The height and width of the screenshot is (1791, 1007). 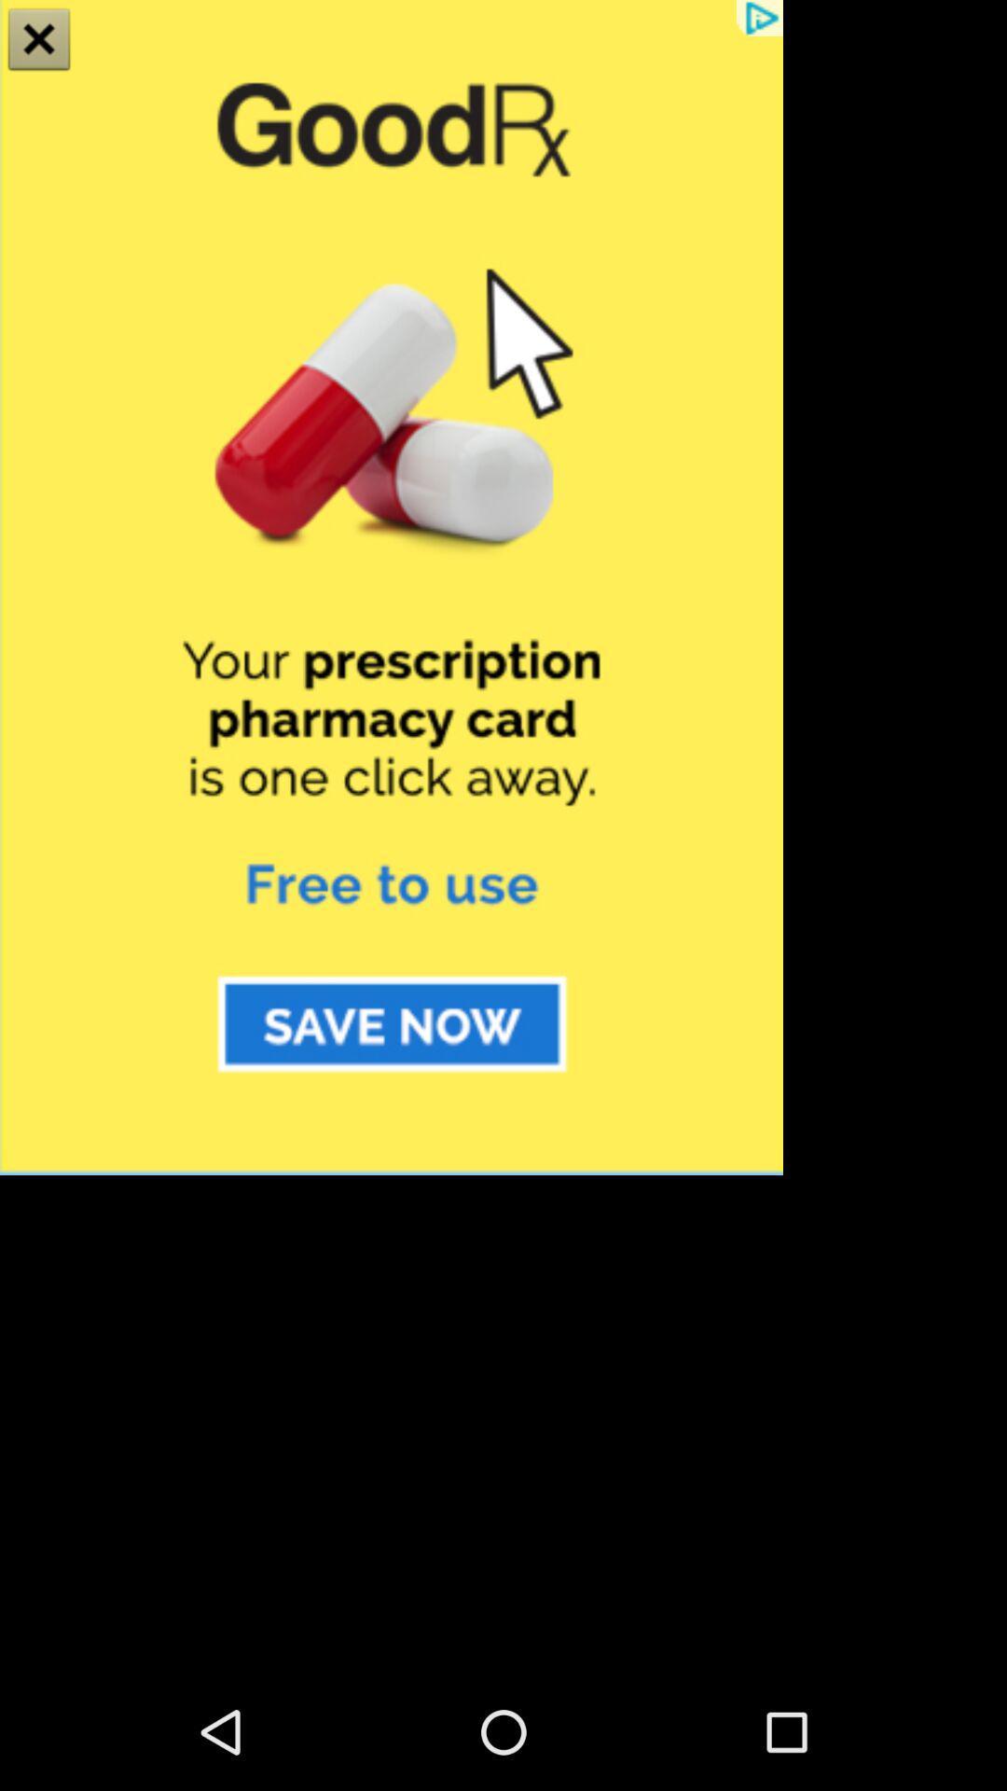 I want to click on the close icon, so click(x=39, y=41).